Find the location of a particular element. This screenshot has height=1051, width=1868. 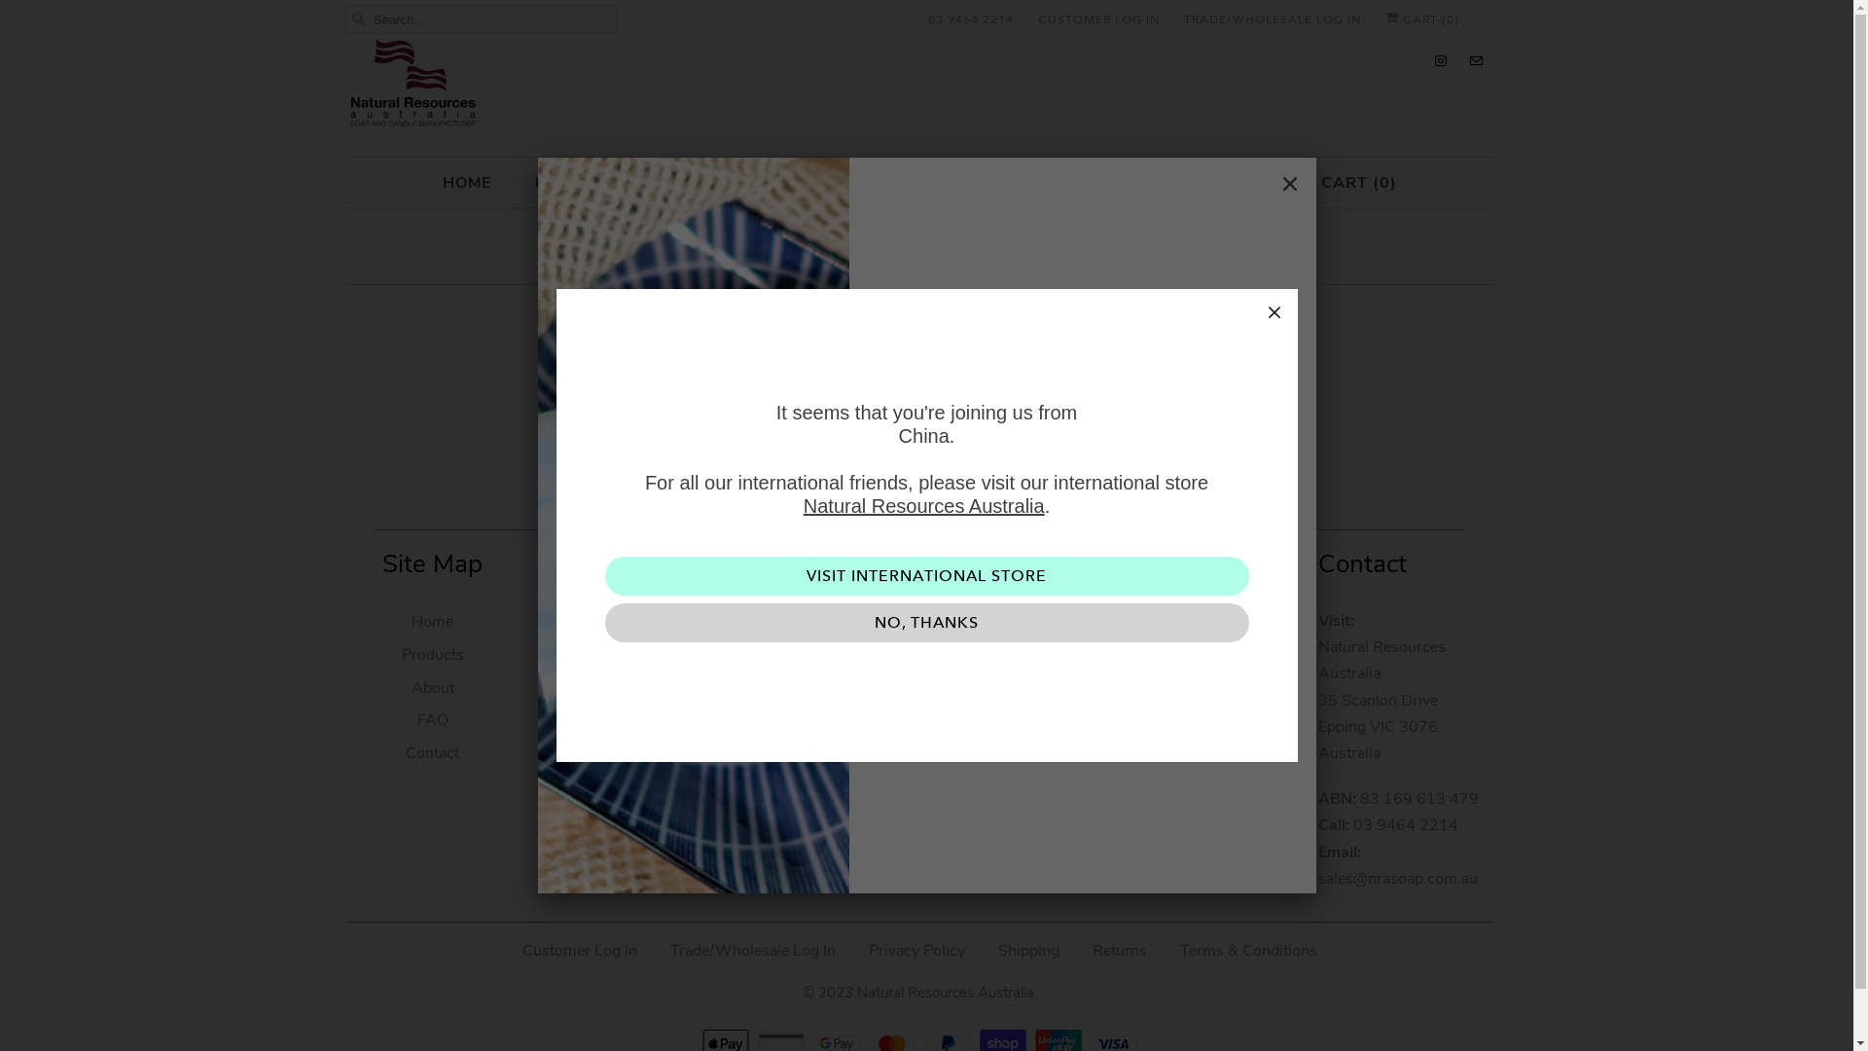

'About' is located at coordinates (432, 686).